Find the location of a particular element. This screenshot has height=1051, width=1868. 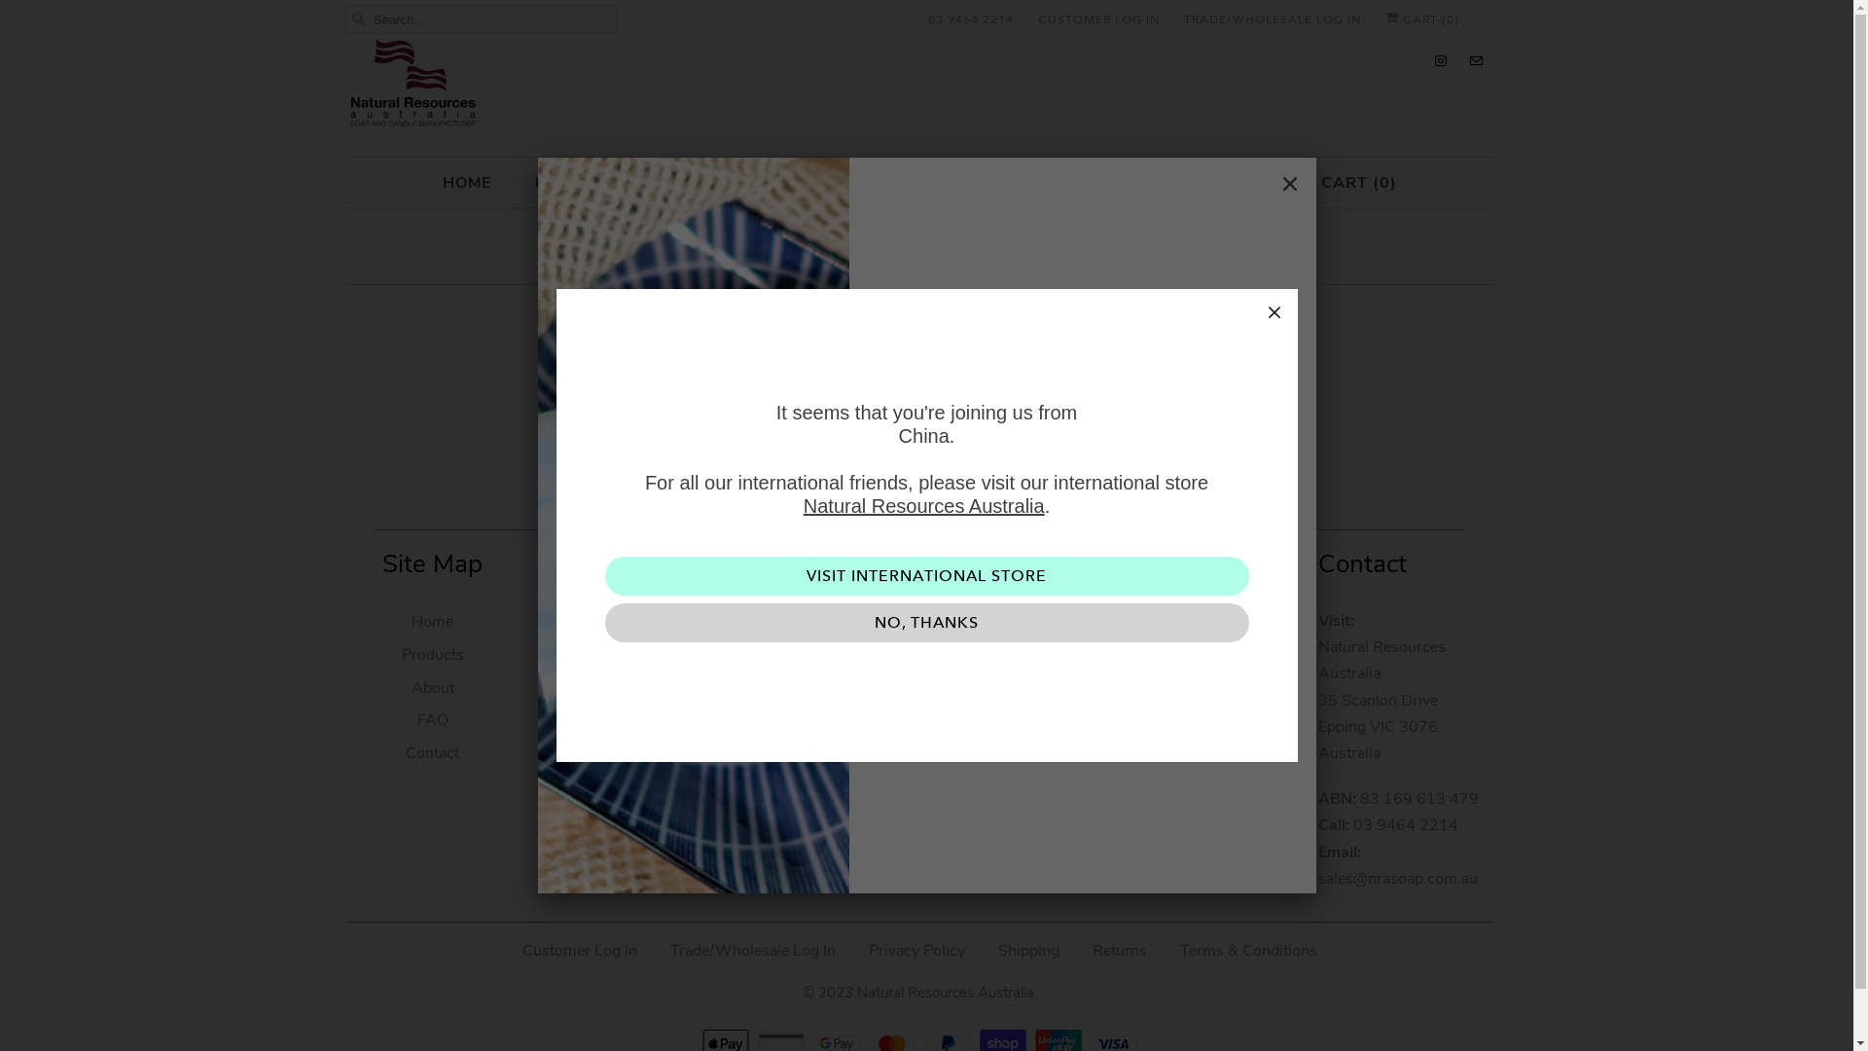

'About' is located at coordinates (432, 686).